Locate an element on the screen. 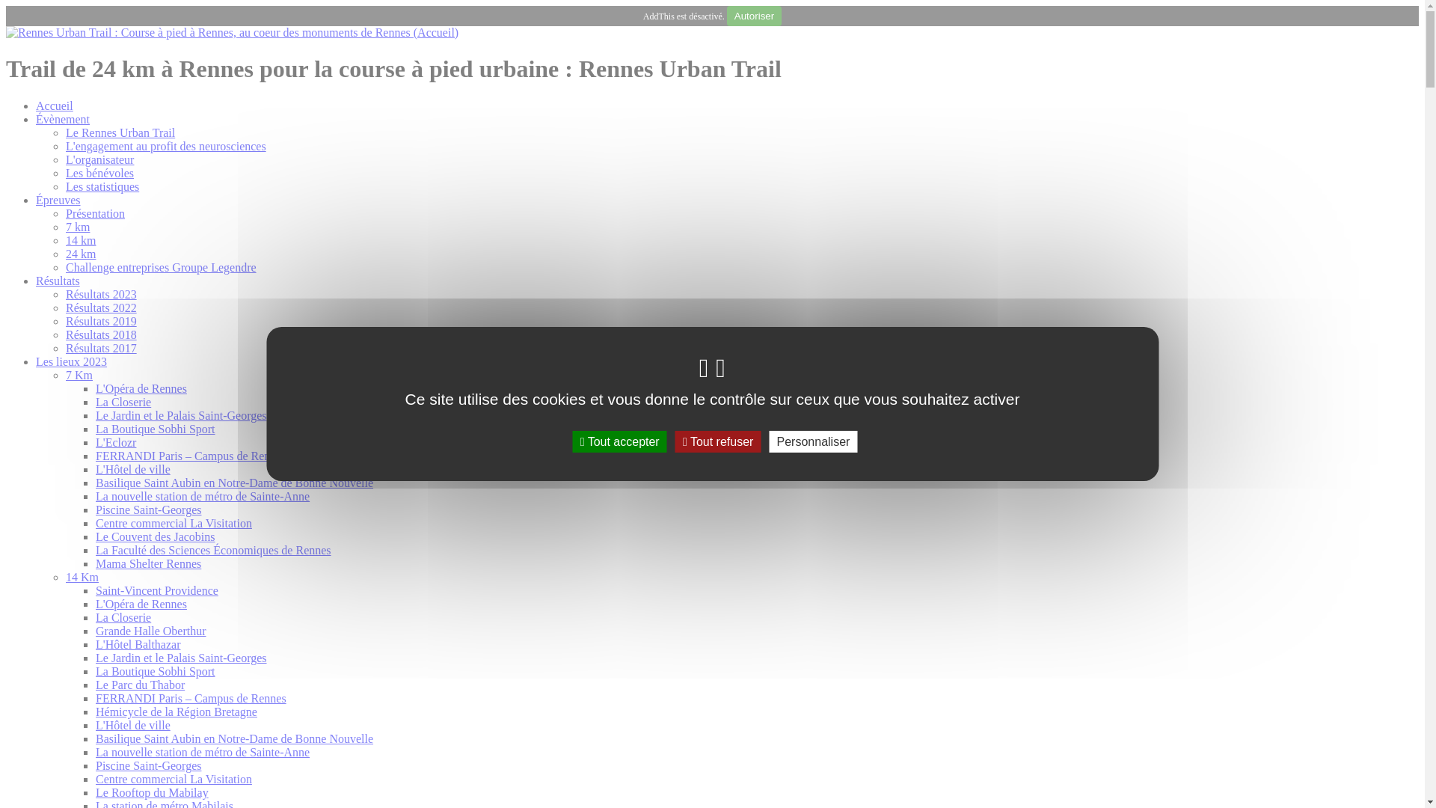  'La Boutique Sobhi Sport' is located at coordinates (155, 429).